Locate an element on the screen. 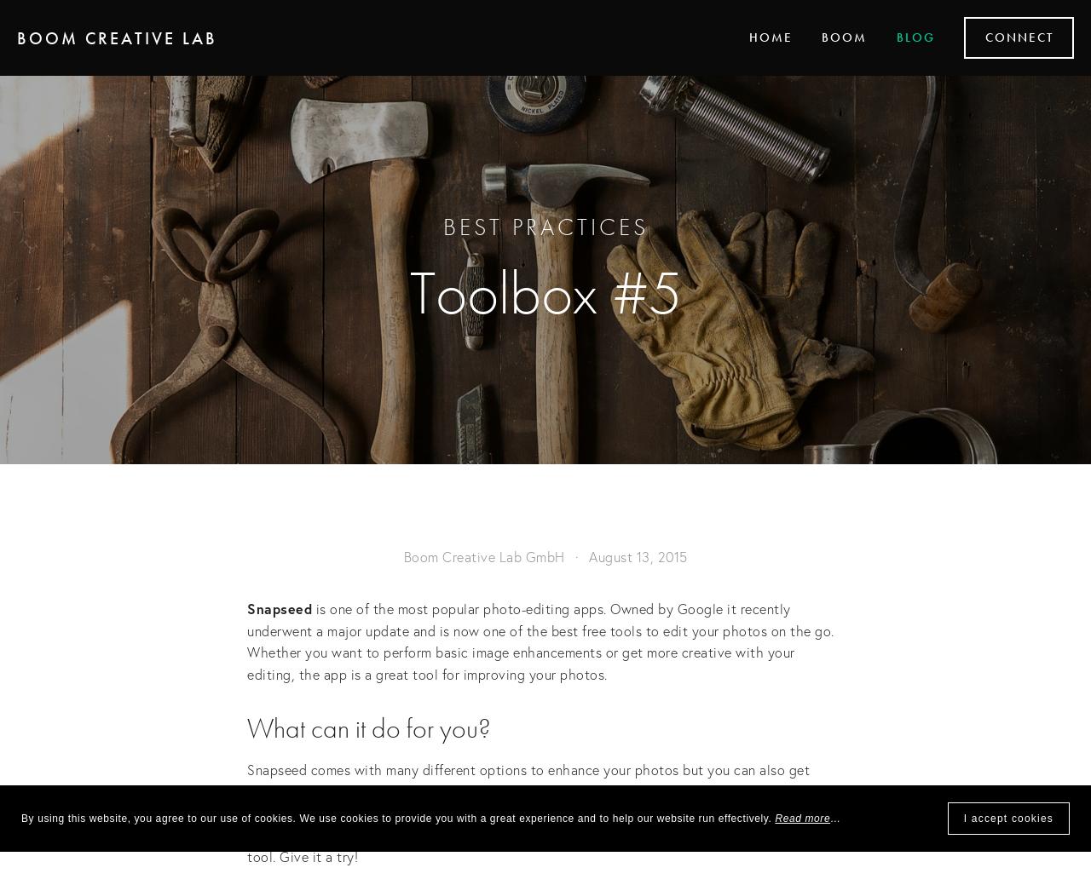 Image resolution: width=1091 pixels, height=885 pixels. 'By using this website, you agree to our use of cookies. We use cookies to provide you with a great experience and to help our website run effectively.' is located at coordinates (396, 818).